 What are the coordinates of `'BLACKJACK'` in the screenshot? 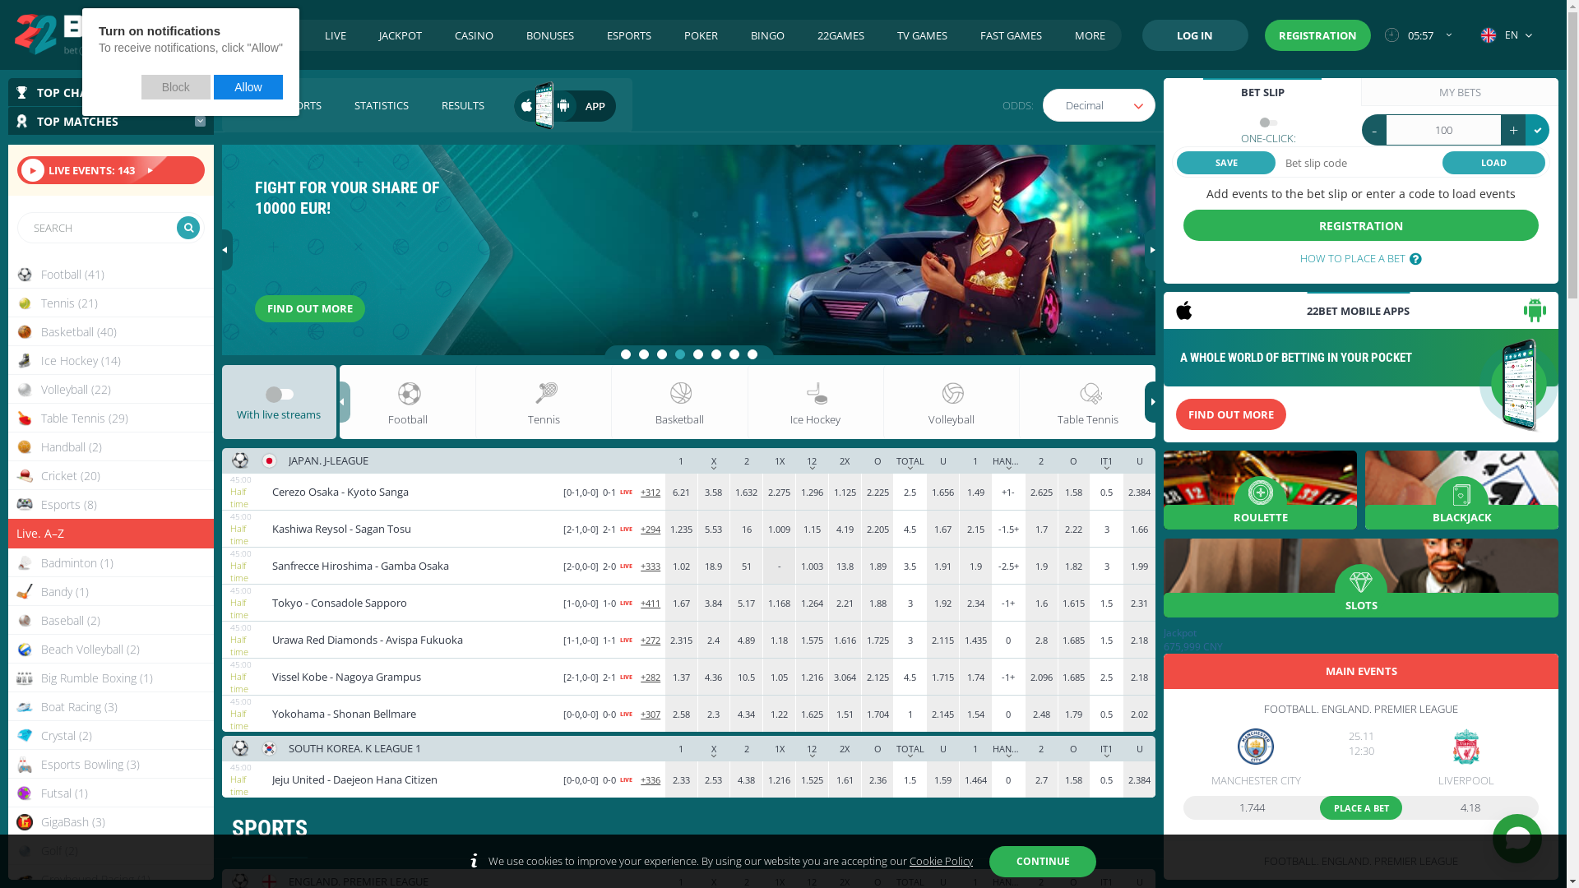 It's located at (1461, 489).